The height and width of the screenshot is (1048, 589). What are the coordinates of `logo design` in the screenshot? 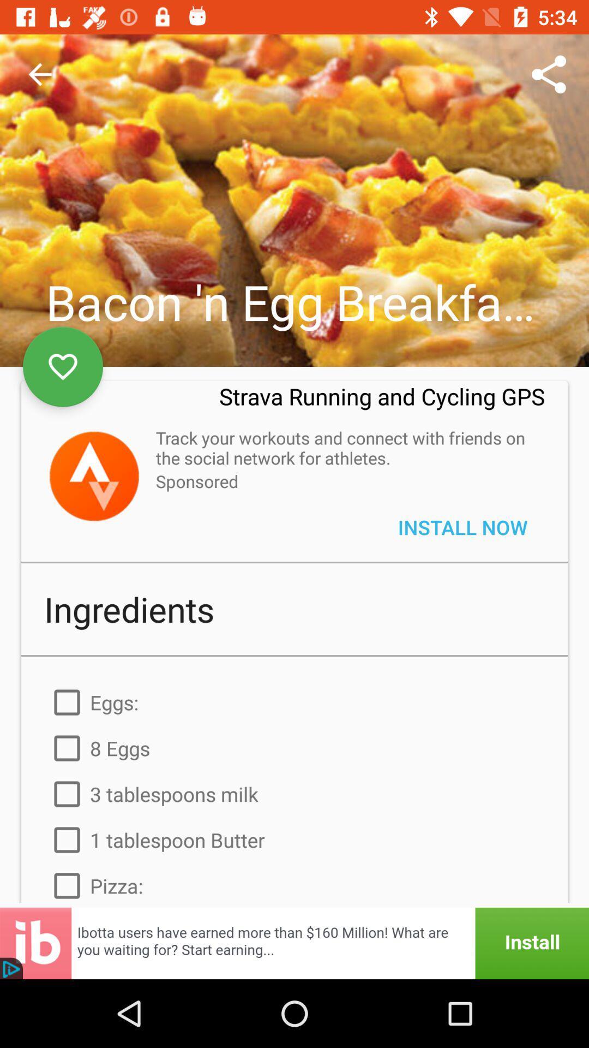 It's located at (93, 476).